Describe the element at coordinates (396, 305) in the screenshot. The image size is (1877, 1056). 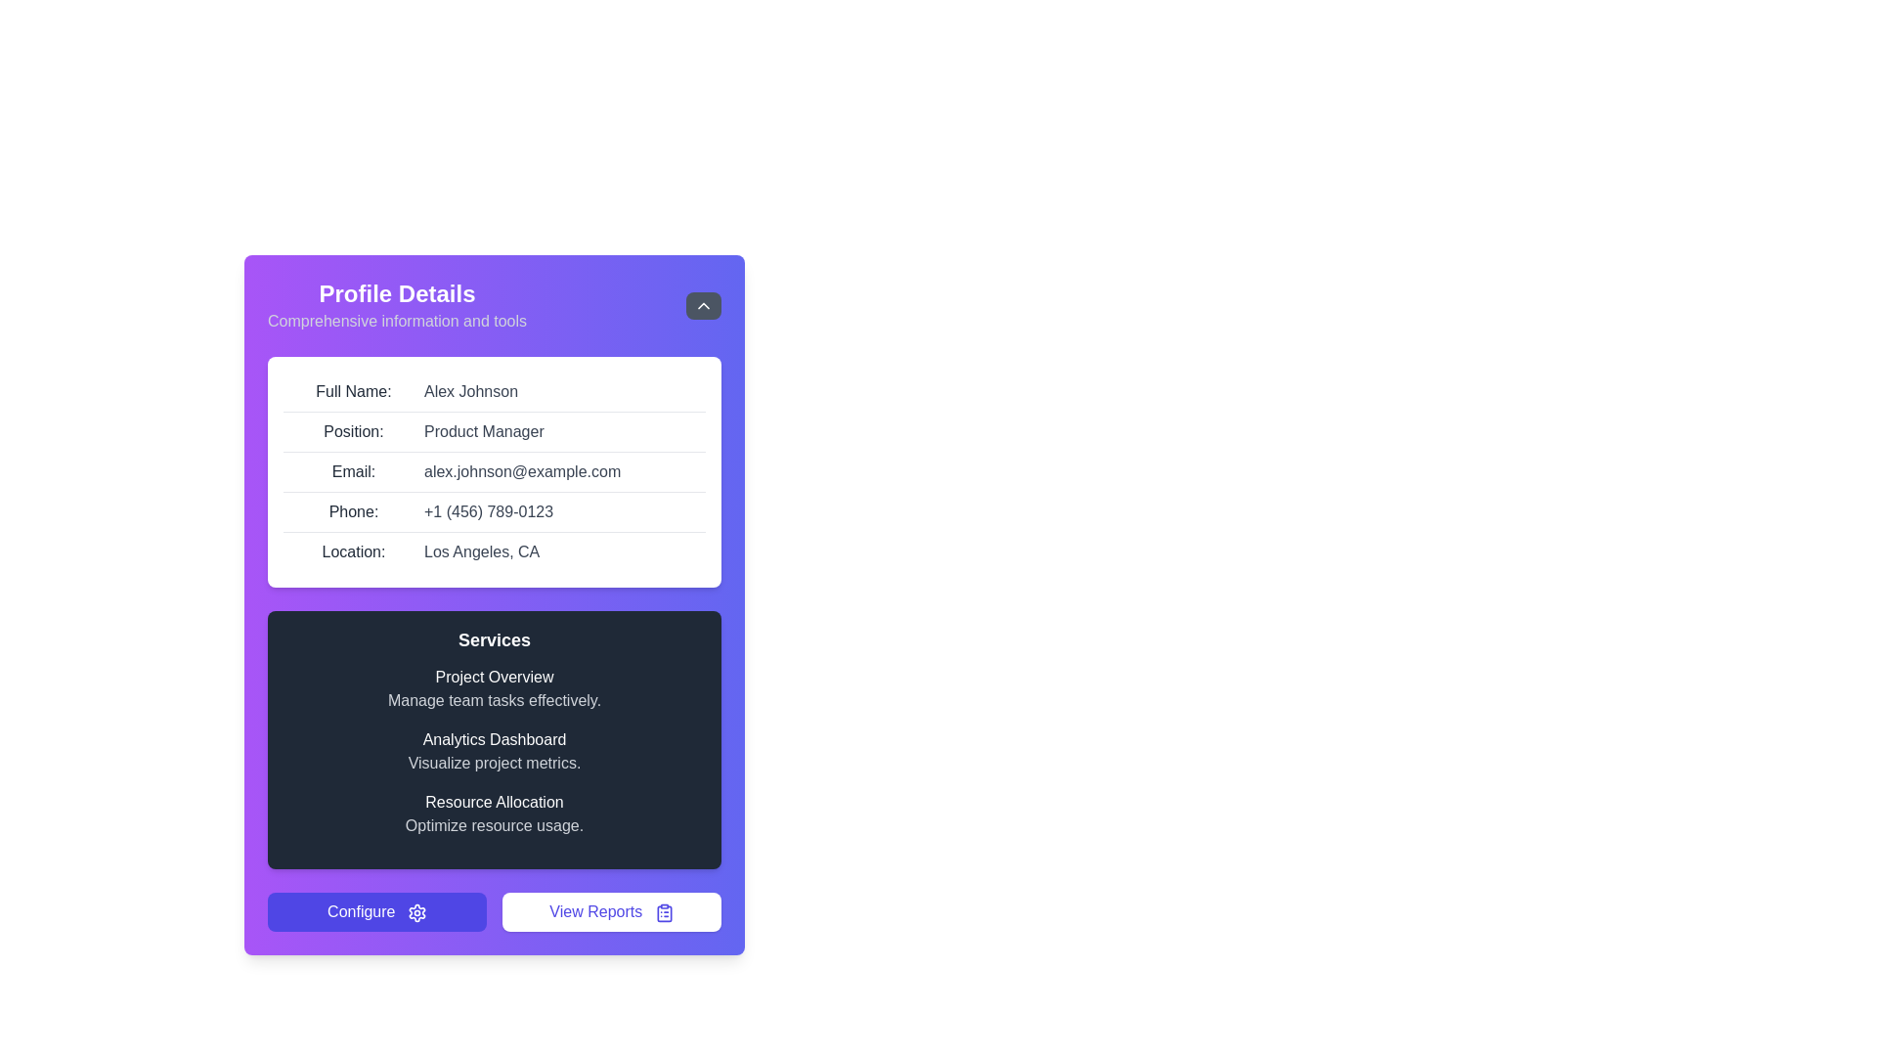
I see `the static text display element that serves as the title and subtitle of the card section, located at the top-central part of the card interface` at that location.